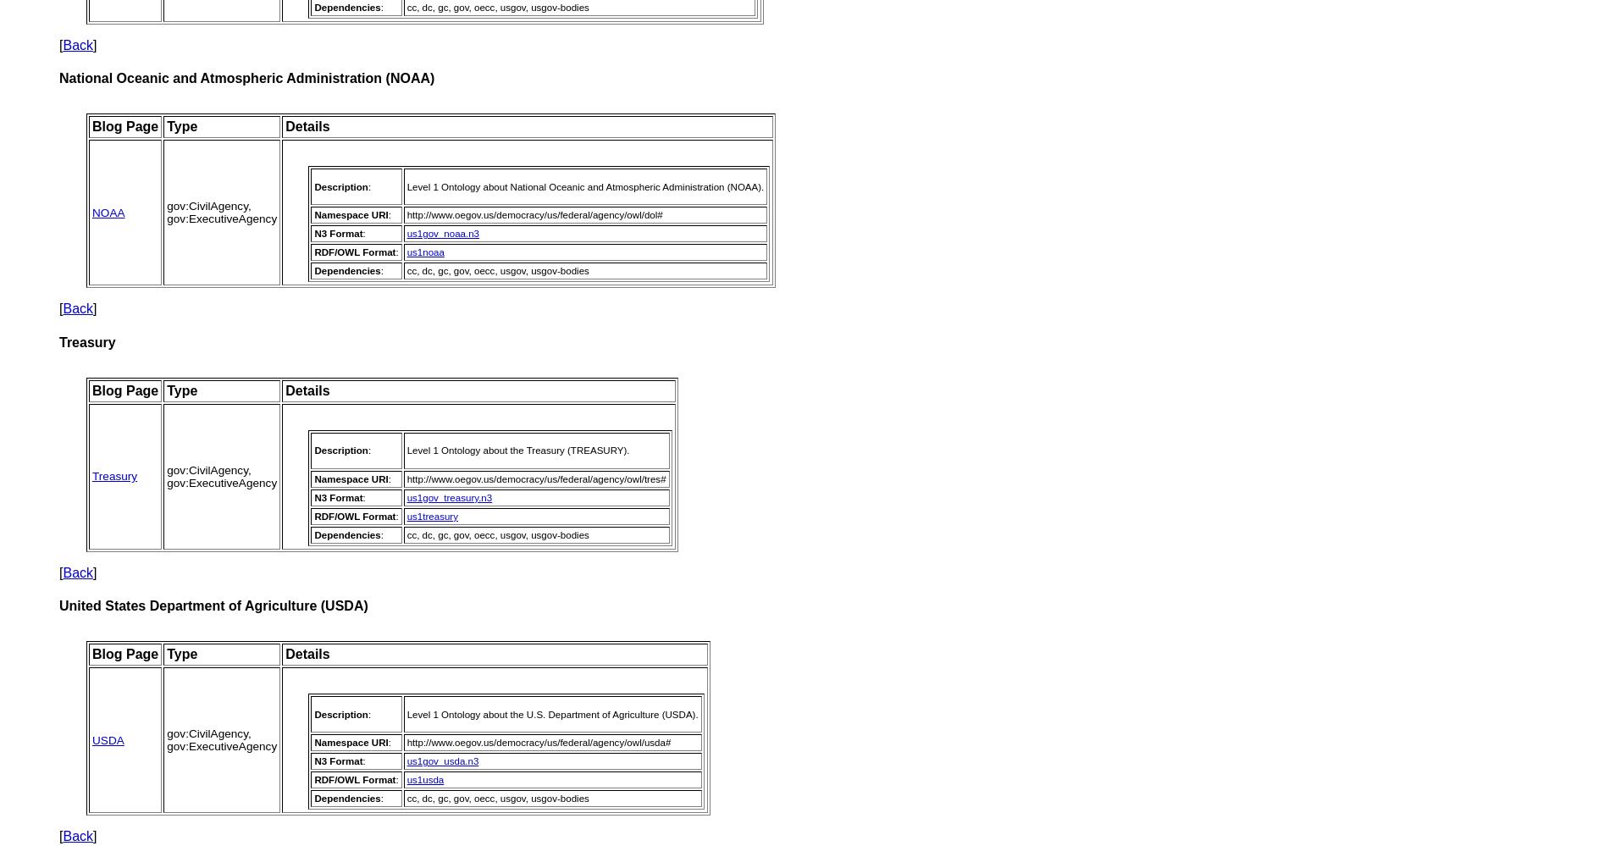 Image resolution: width=1609 pixels, height=846 pixels. I want to click on 'United States Department of Agriculture (USDA)', so click(212, 605).